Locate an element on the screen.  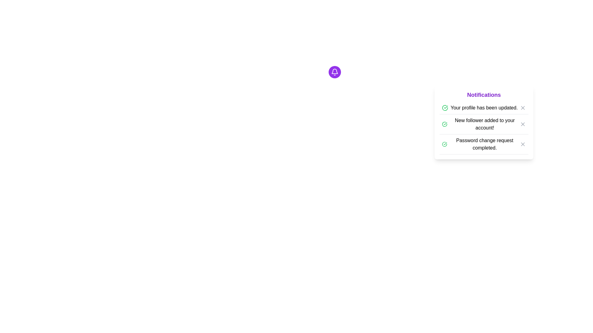
the text label that notifies the user of a new follower being added to their account, located between the messages 'Your profile has been updated.' and 'Password change request completed.' is located at coordinates (480, 124).